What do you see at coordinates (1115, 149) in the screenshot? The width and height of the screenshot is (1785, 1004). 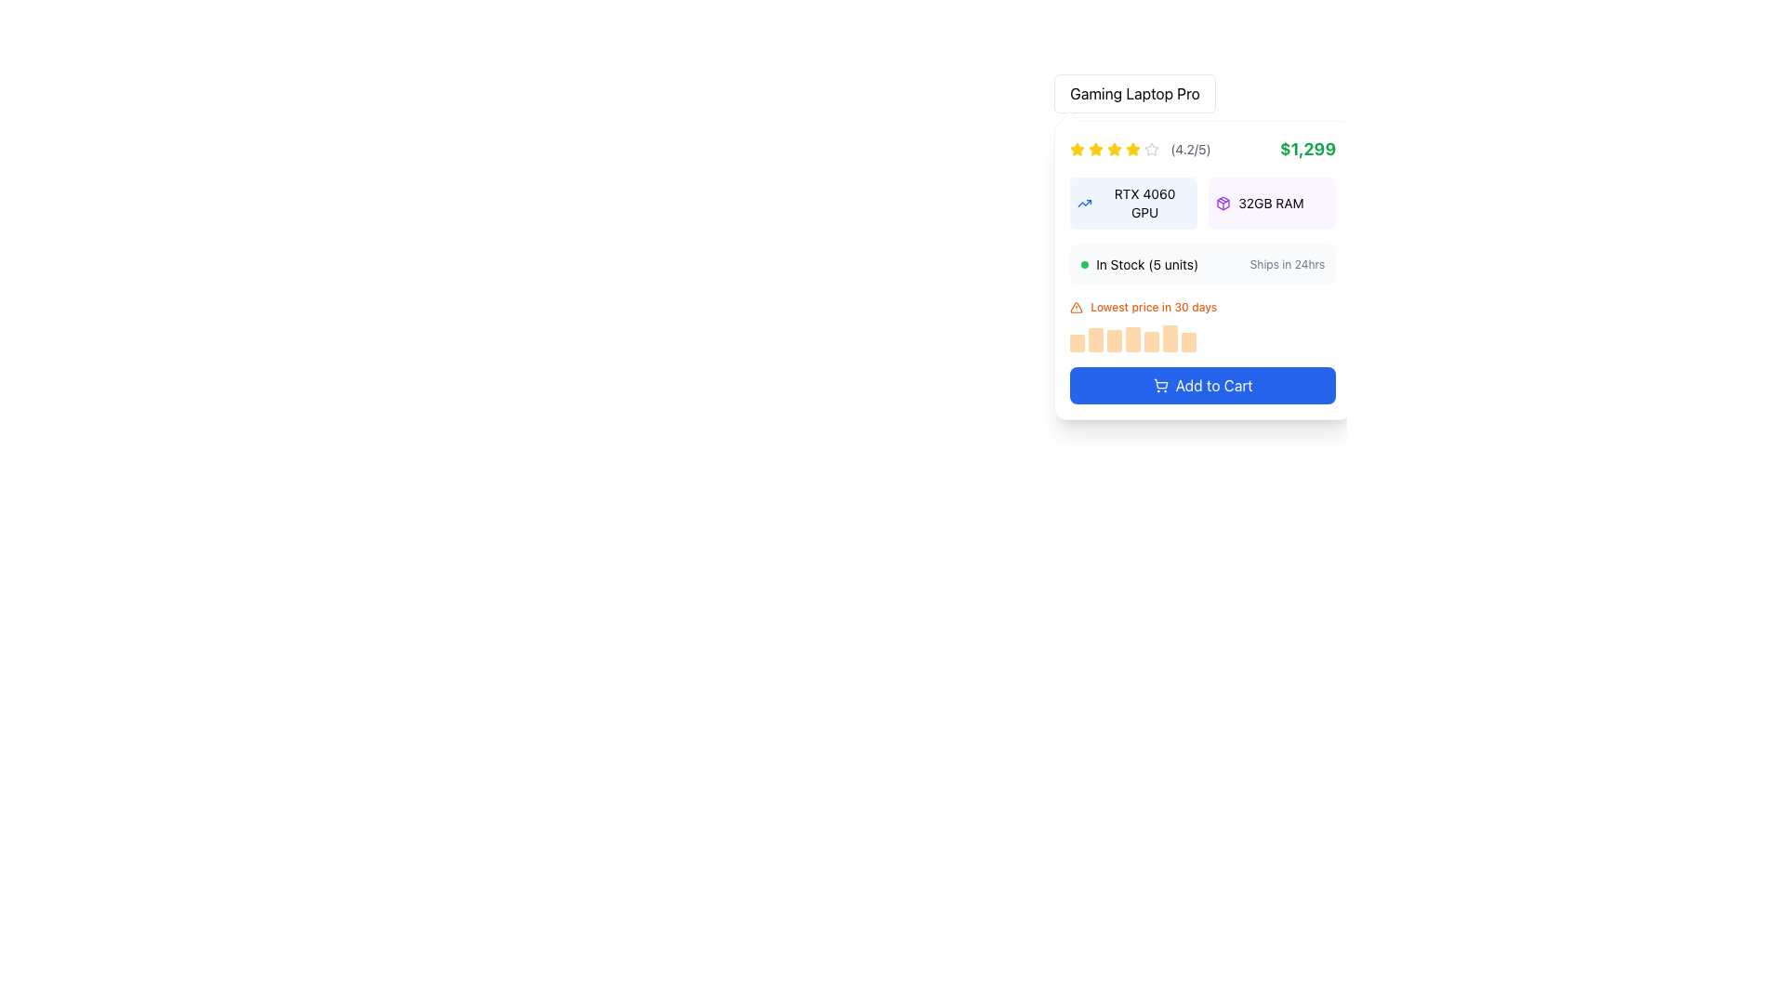 I see `the fifth star icon in the rating system located near the top of the product listing card, which represents a rating level` at bounding box center [1115, 149].